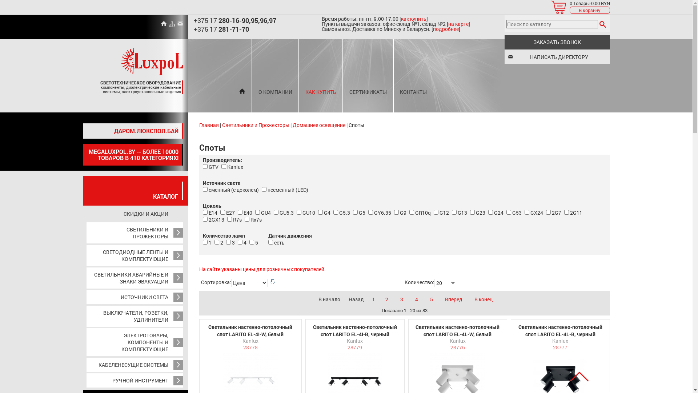 The height and width of the screenshot is (393, 698). I want to click on '55', so click(202, 242).